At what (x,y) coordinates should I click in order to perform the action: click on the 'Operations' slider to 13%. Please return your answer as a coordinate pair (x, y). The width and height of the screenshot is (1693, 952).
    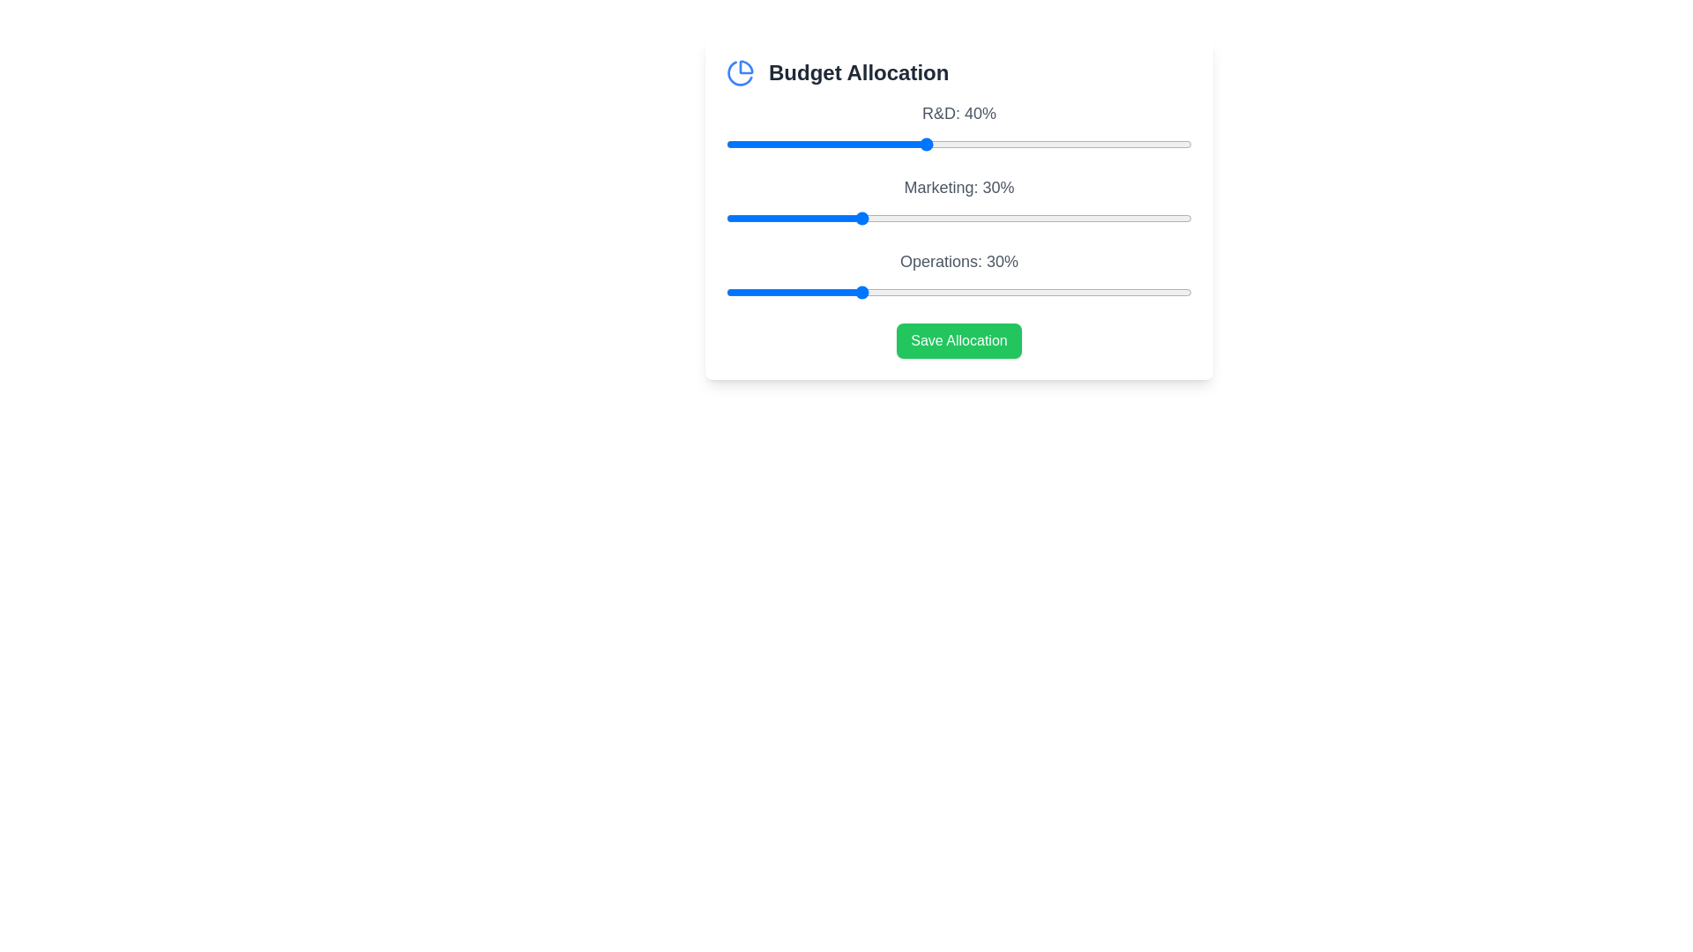
    Looking at the image, I should click on (746, 291).